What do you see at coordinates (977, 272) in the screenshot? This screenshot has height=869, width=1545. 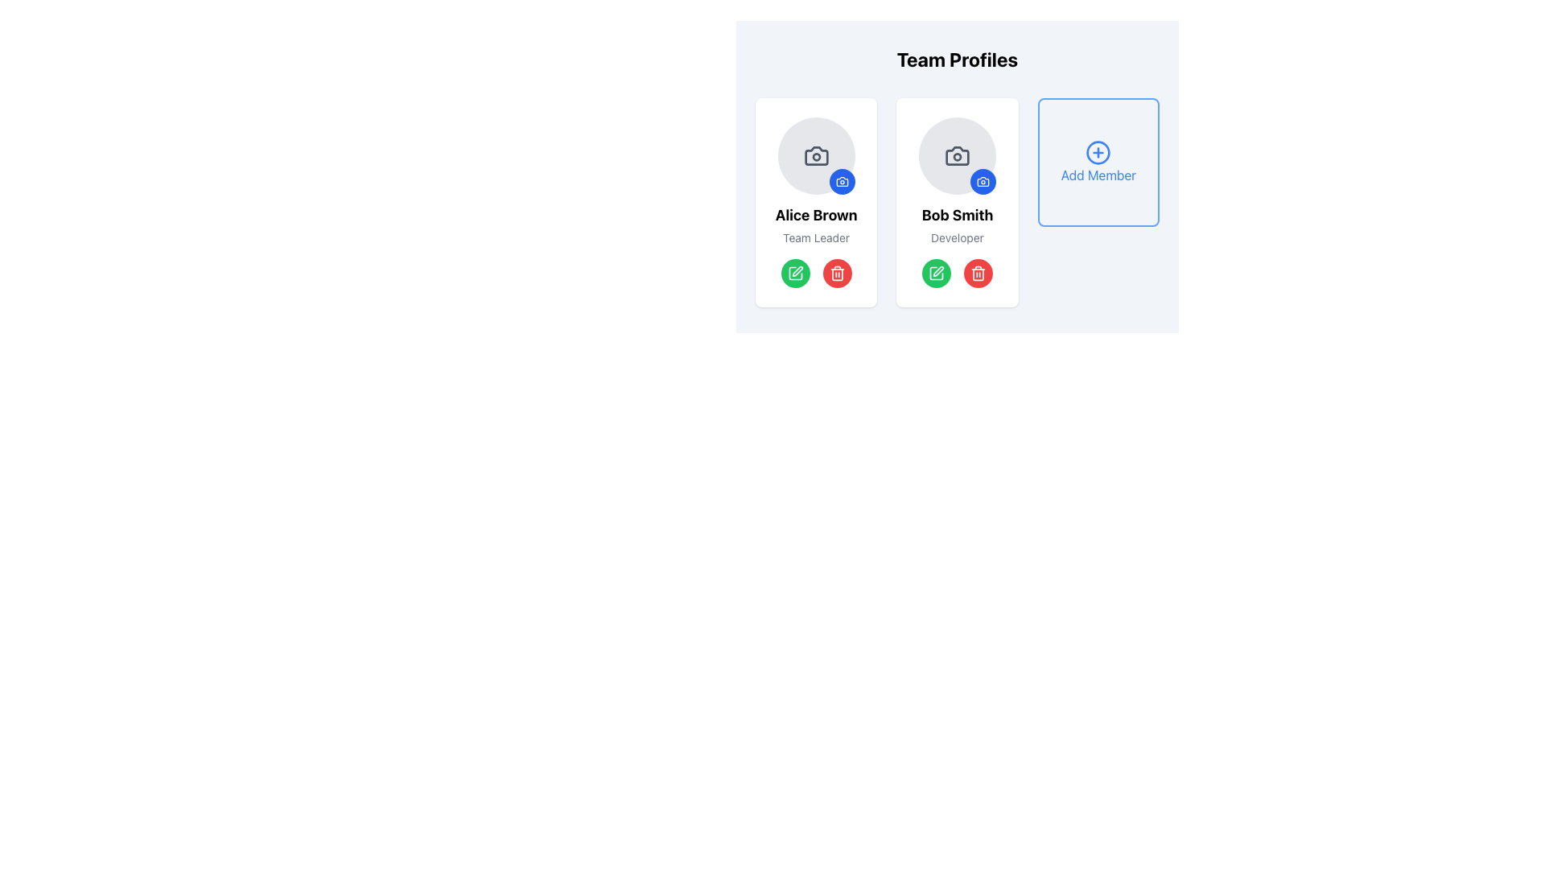 I see `the circular red button with a white trash bin icon in the bottom-right corner of Bob Smith's profile card` at bounding box center [977, 272].